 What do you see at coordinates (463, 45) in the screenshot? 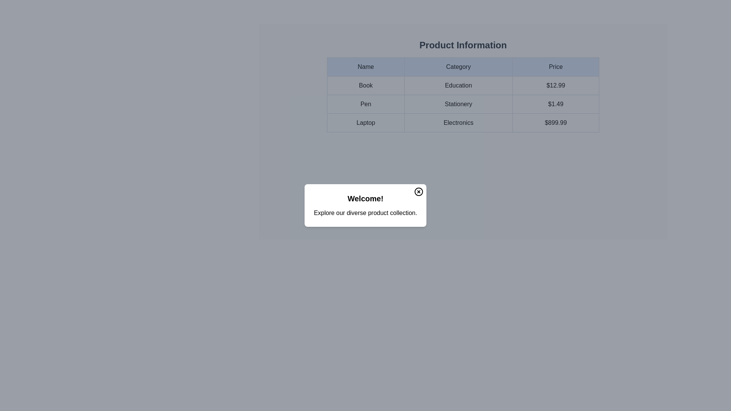
I see `text from the header labeled 'Product Information', which is displayed in a large, bold font and serves as the title for the product details section` at bounding box center [463, 45].